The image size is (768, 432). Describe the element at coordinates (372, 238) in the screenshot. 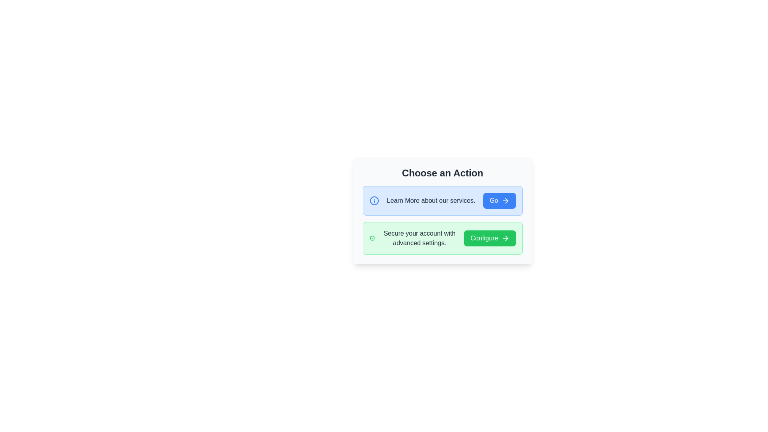

I see `the security icon, which is a shield with a green outline and a check mark, located at the left edge of the text block stating 'Secure your account with advanced settings'` at that location.